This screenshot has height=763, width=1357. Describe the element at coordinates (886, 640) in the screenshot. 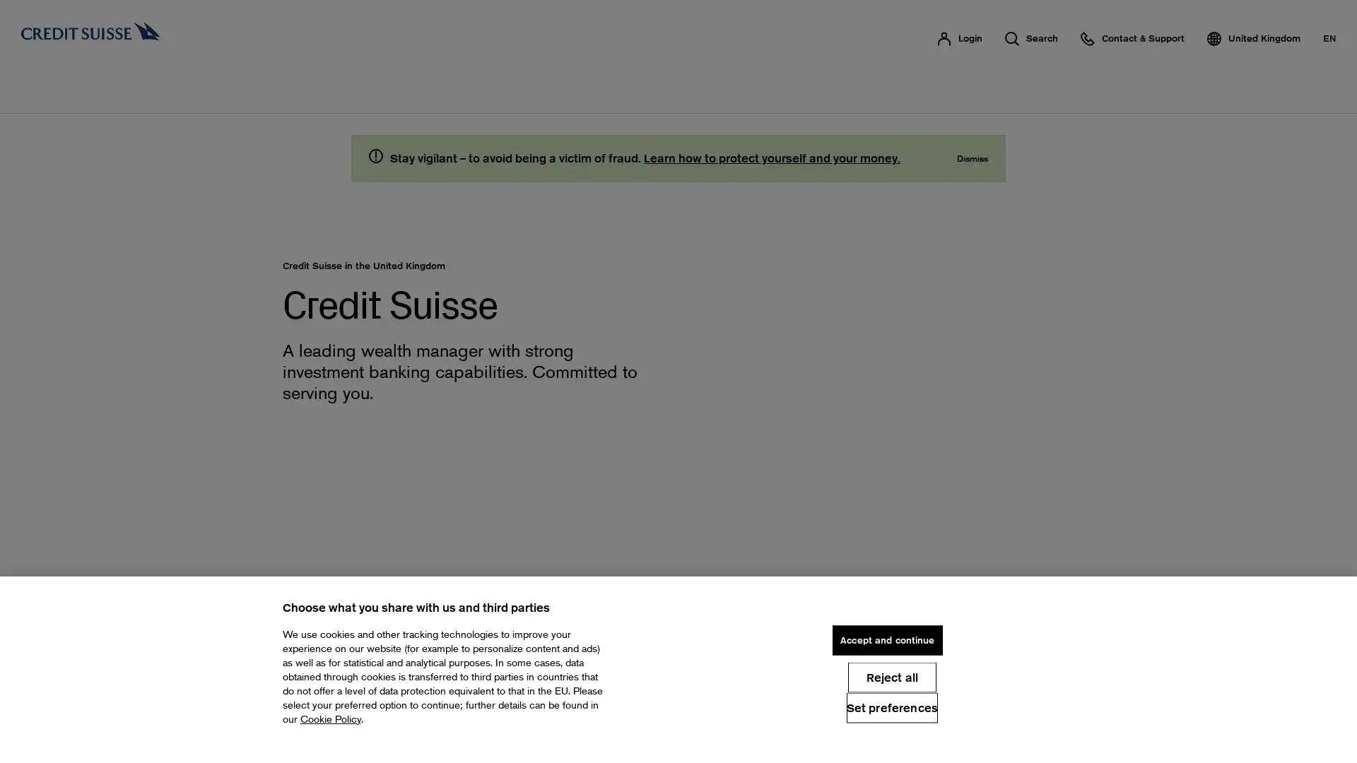

I see `Accept and continue` at that location.